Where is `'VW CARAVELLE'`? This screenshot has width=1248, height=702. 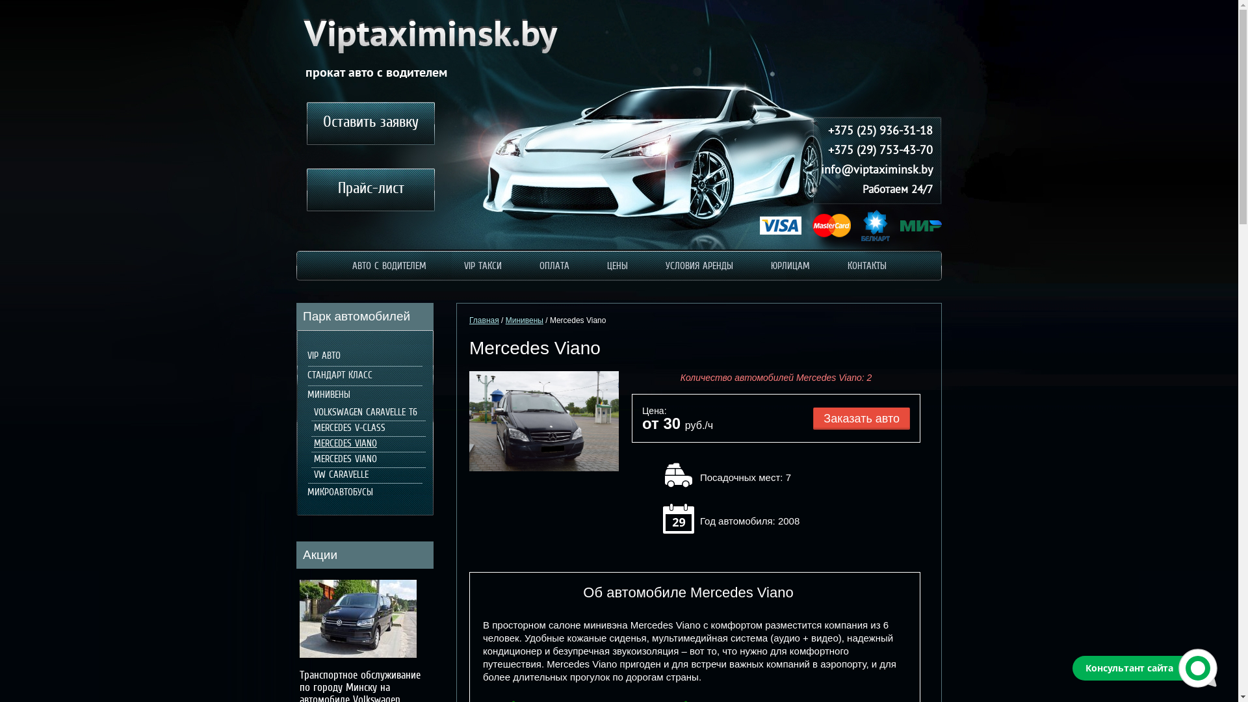
'VW CARAVELLE' is located at coordinates (339, 475).